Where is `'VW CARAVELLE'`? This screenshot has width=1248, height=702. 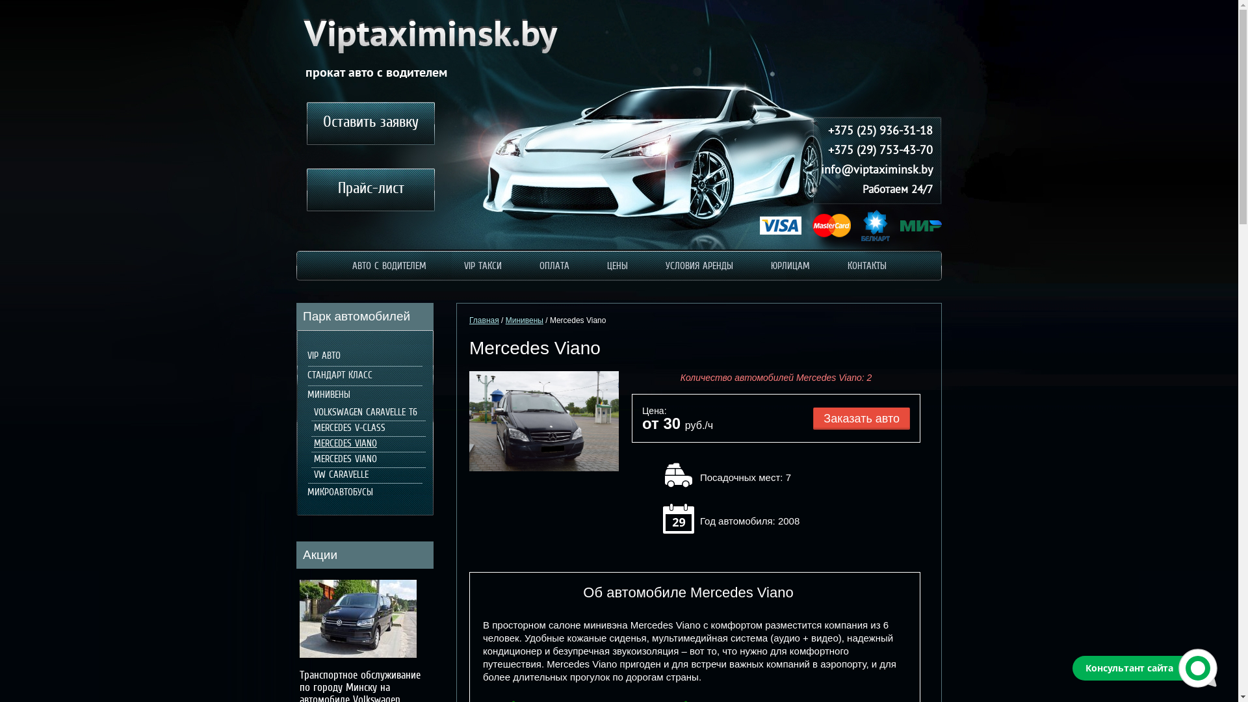
'VW CARAVELLE' is located at coordinates (339, 475).